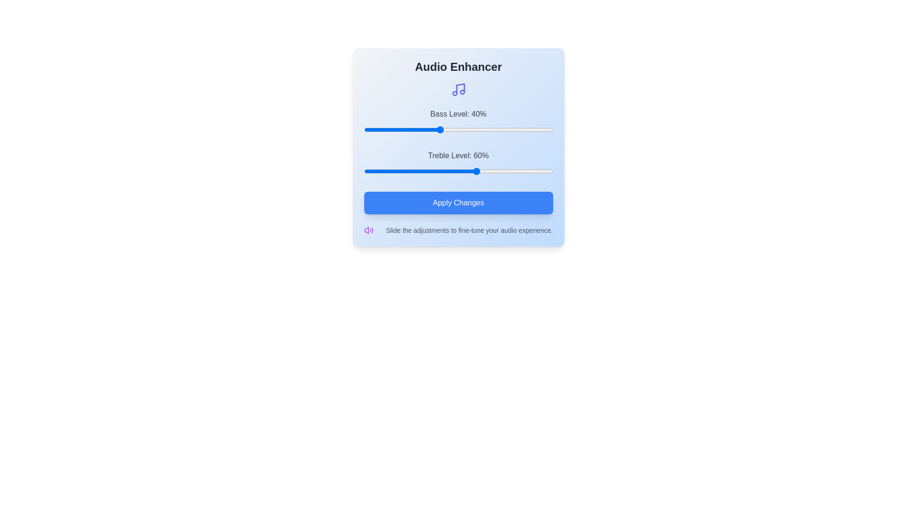  I want to click on the bass level slider to 50%, so click(458, 129).